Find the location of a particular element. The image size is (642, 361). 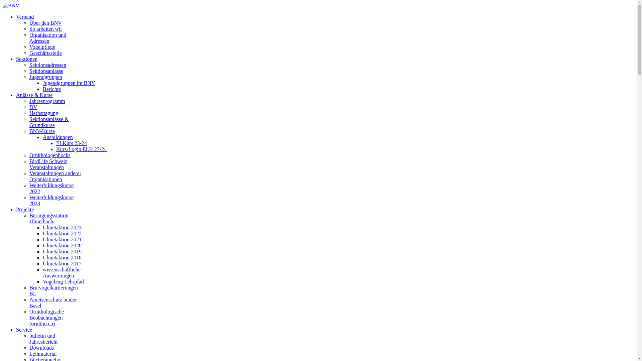

'Brutvogelkartierungen BL' is located at coordinates (29, 290).